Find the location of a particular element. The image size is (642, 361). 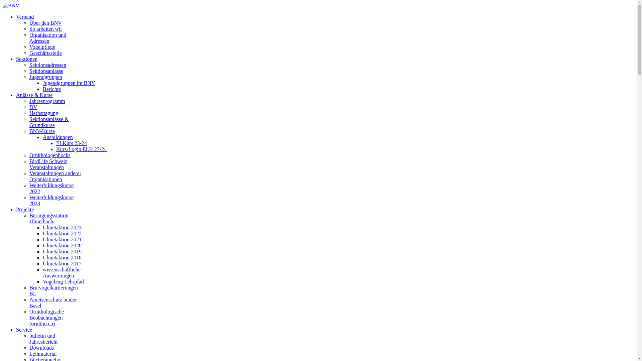

'Brutvogelkartierungen BL' is located at coordinates (29, 290).